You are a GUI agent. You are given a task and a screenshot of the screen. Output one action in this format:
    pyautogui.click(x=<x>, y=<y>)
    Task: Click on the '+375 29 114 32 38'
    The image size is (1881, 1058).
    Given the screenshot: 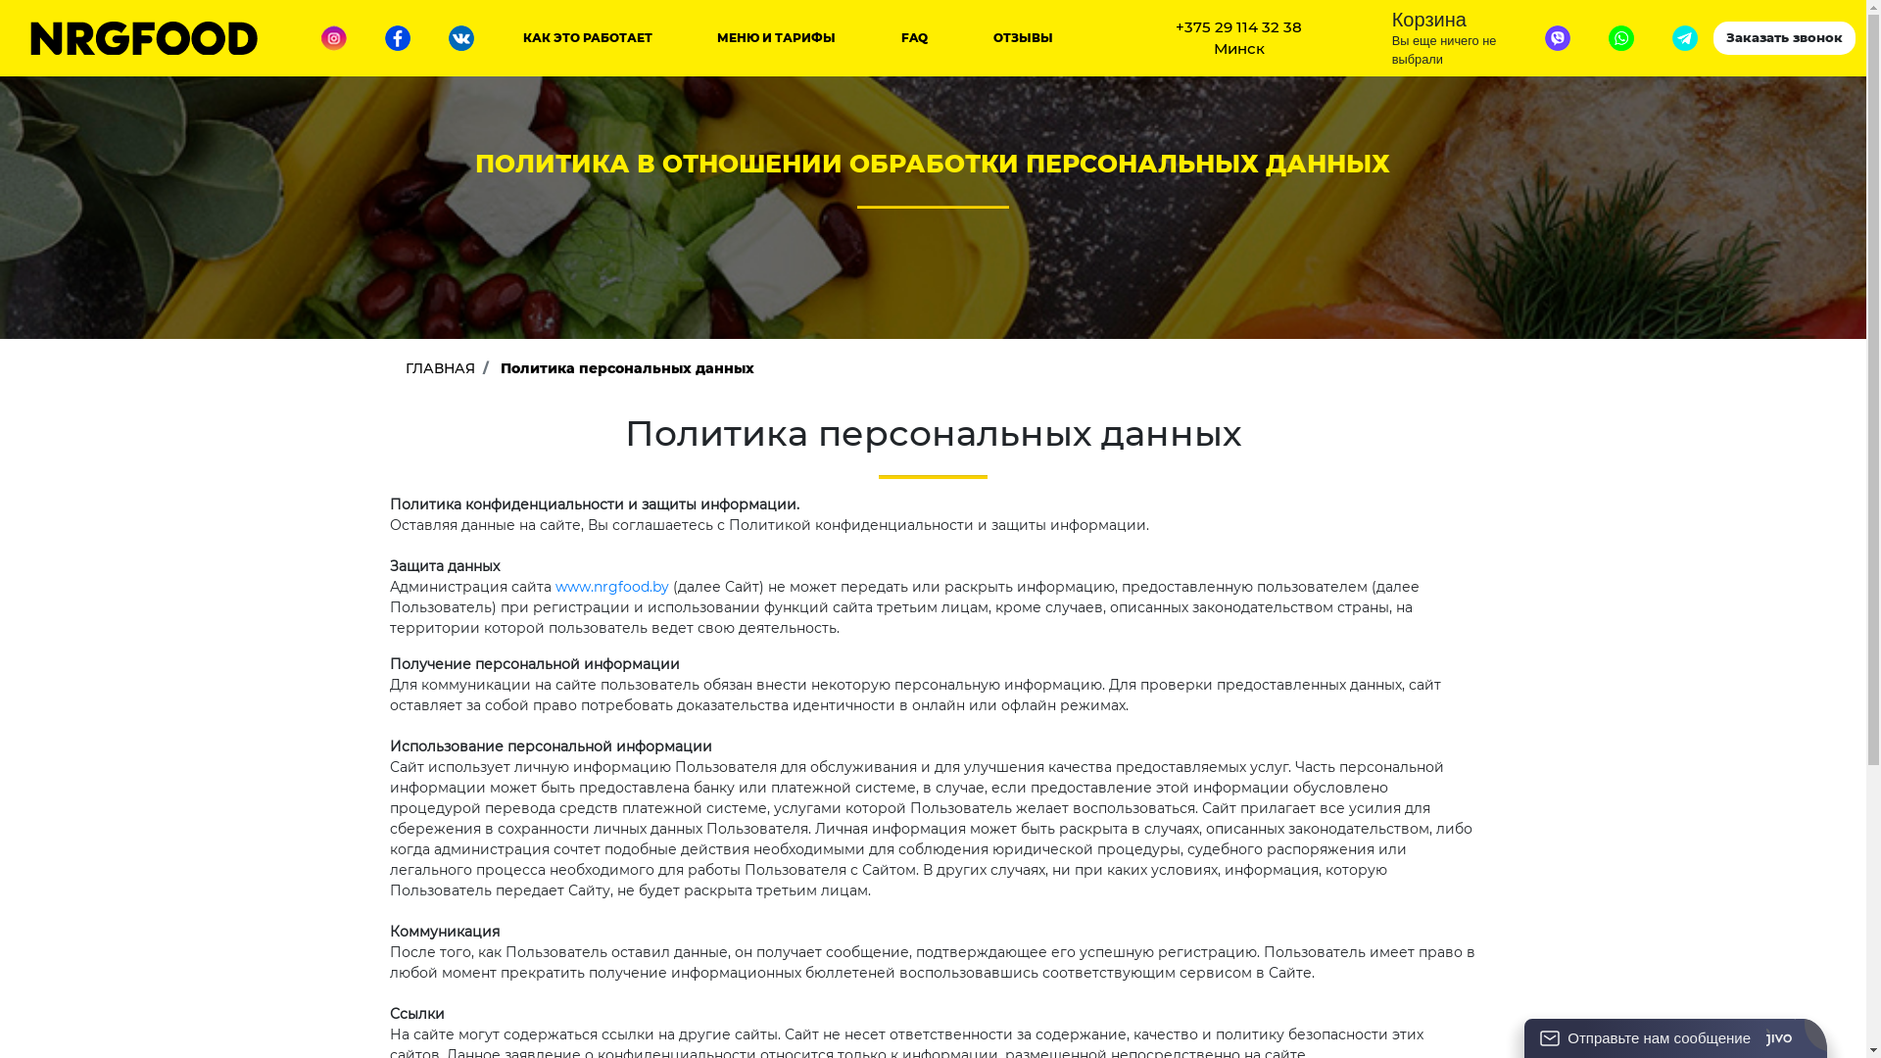 What is the action you would take?
    pyautogui.click(x=1237, y=27)
    